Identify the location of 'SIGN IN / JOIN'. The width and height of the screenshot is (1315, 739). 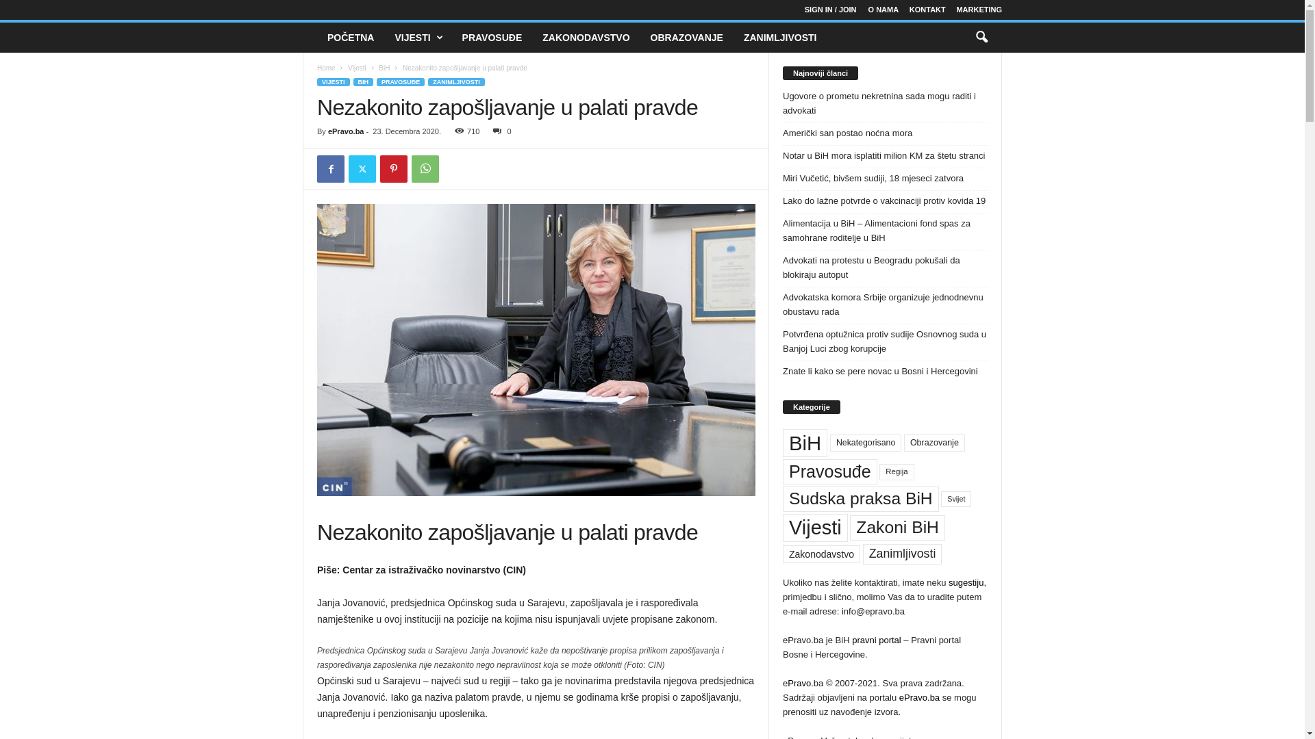
(830, 10).